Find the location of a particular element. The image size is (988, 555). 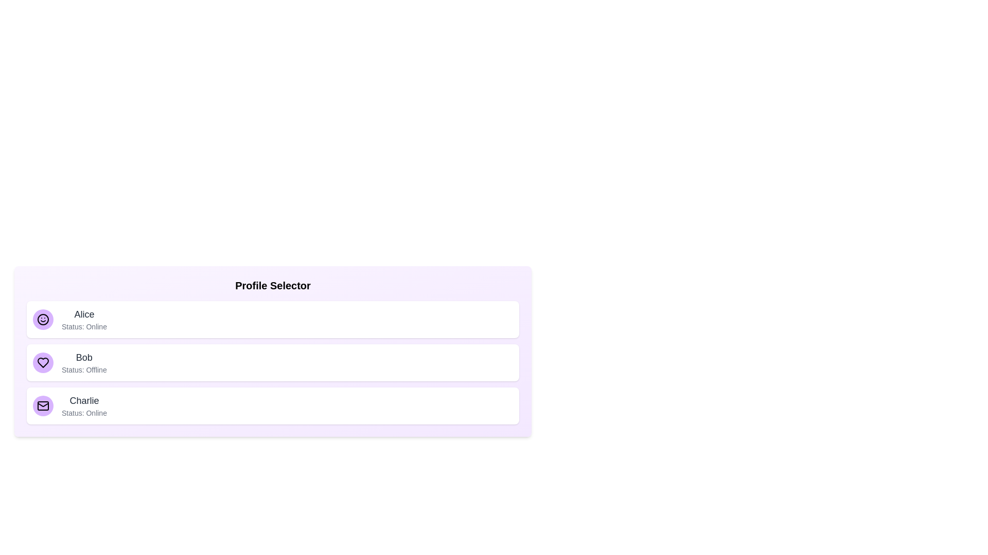

the profile named Alice to select it is located at coordinates (273, 319).